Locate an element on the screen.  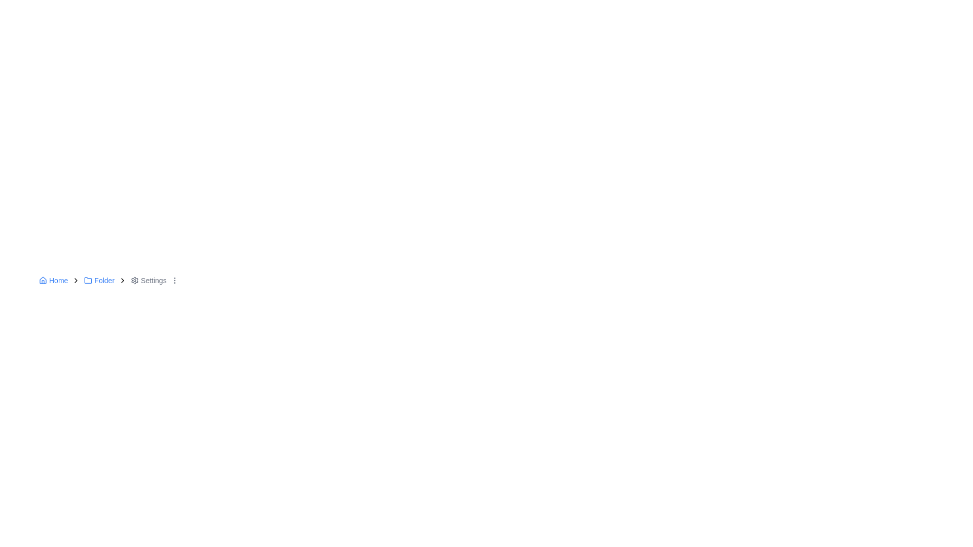
the decorative folder icon in the breadcrumb navigation system, positioned between the 'Home' text link and the settings gear icon is located at coordinates (88, 280).